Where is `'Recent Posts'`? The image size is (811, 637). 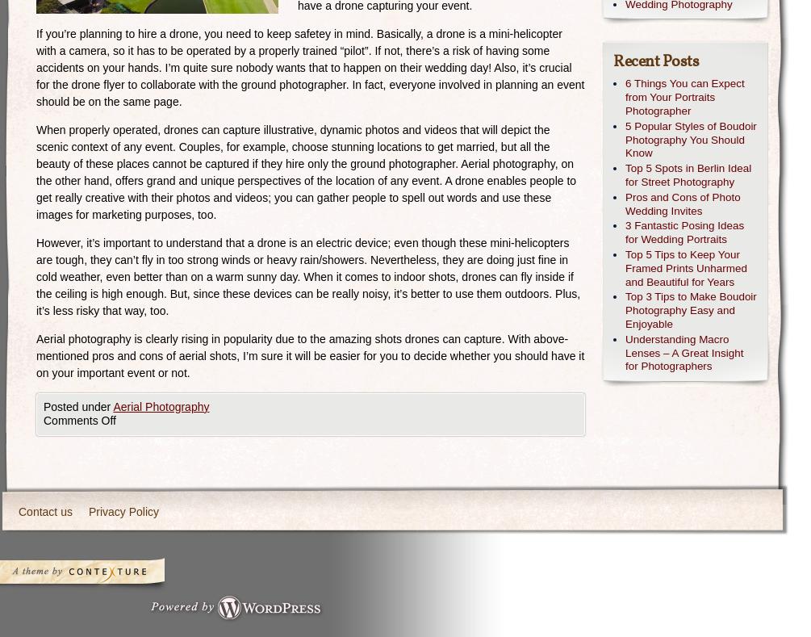 'Recent Posts' is located at coordinates (656, 61).